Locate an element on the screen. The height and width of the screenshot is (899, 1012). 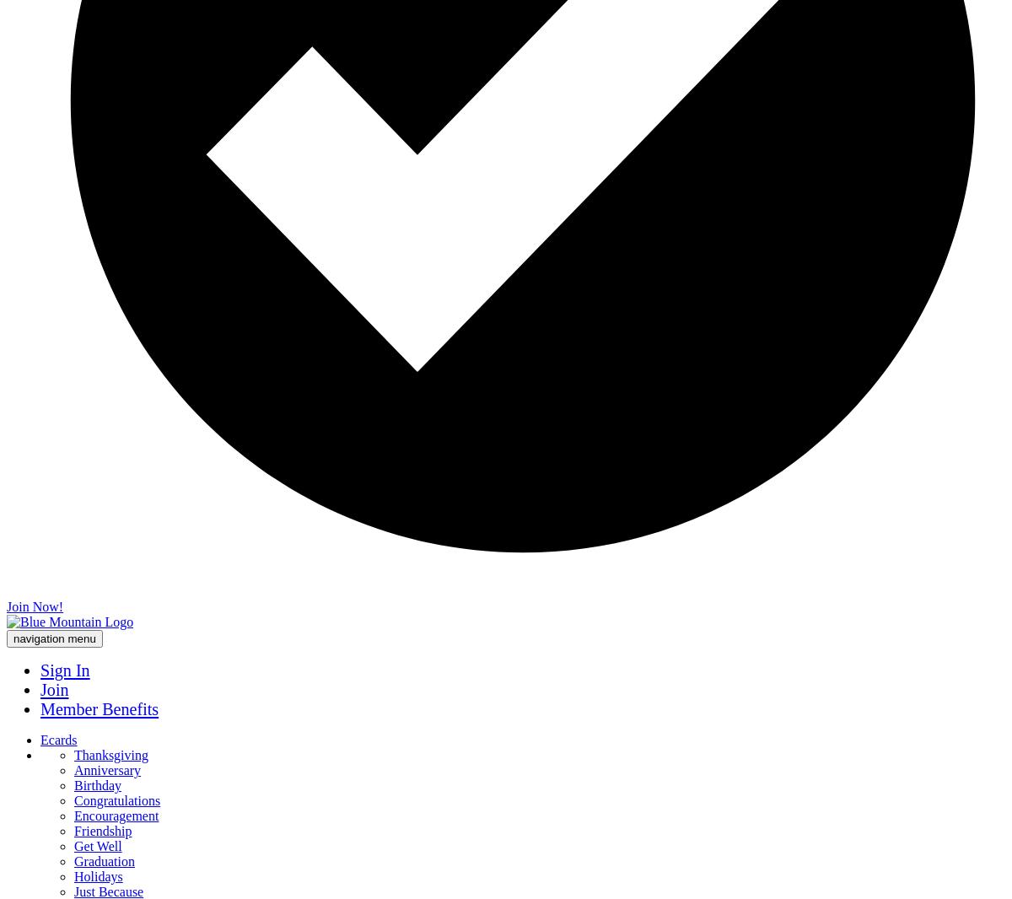
'Graduation' is located at coordinates (104, 861).